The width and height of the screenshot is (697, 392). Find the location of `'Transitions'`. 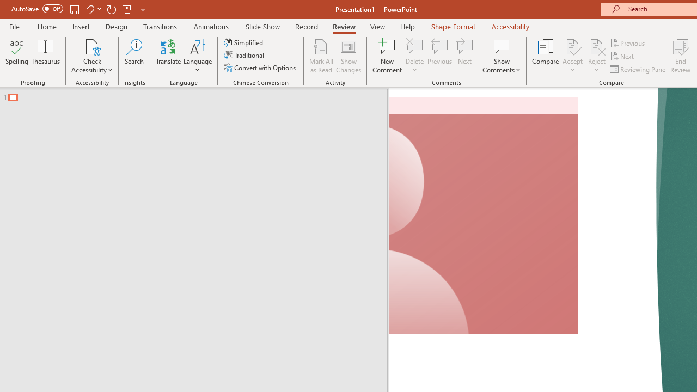

'Transitions' is located at coordinates (160, 26).